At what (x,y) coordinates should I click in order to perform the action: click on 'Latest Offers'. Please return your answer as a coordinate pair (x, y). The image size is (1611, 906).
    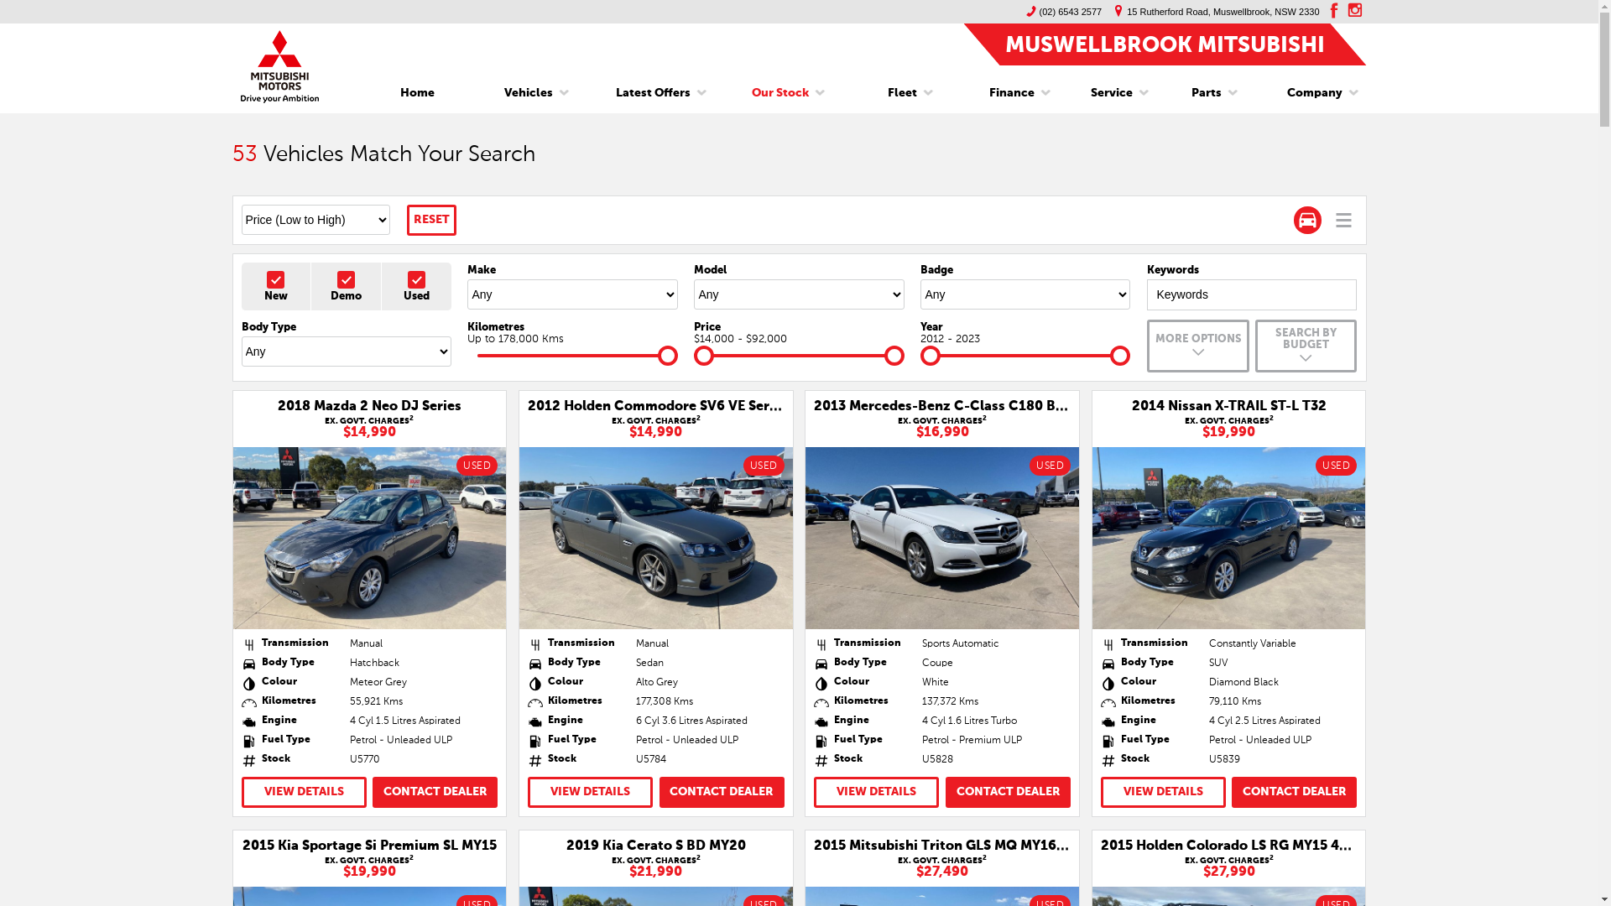
    Looking at the image, I should click on (603, 93).